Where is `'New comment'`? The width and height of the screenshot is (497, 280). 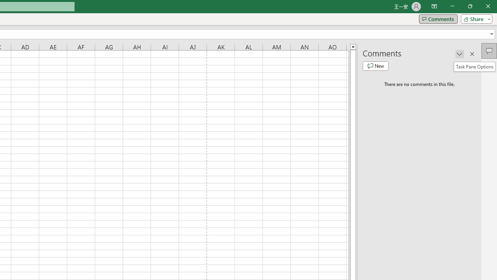 'New comment' is located at coordinates (375, 65).